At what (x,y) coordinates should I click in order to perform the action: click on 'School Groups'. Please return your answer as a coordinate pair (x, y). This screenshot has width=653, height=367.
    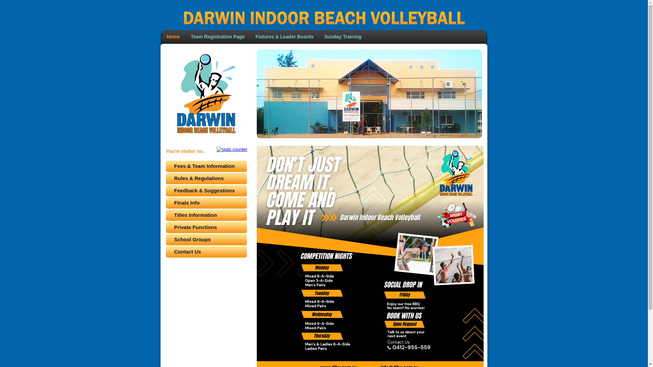
    Looking at the image, I should click on (165, 239).